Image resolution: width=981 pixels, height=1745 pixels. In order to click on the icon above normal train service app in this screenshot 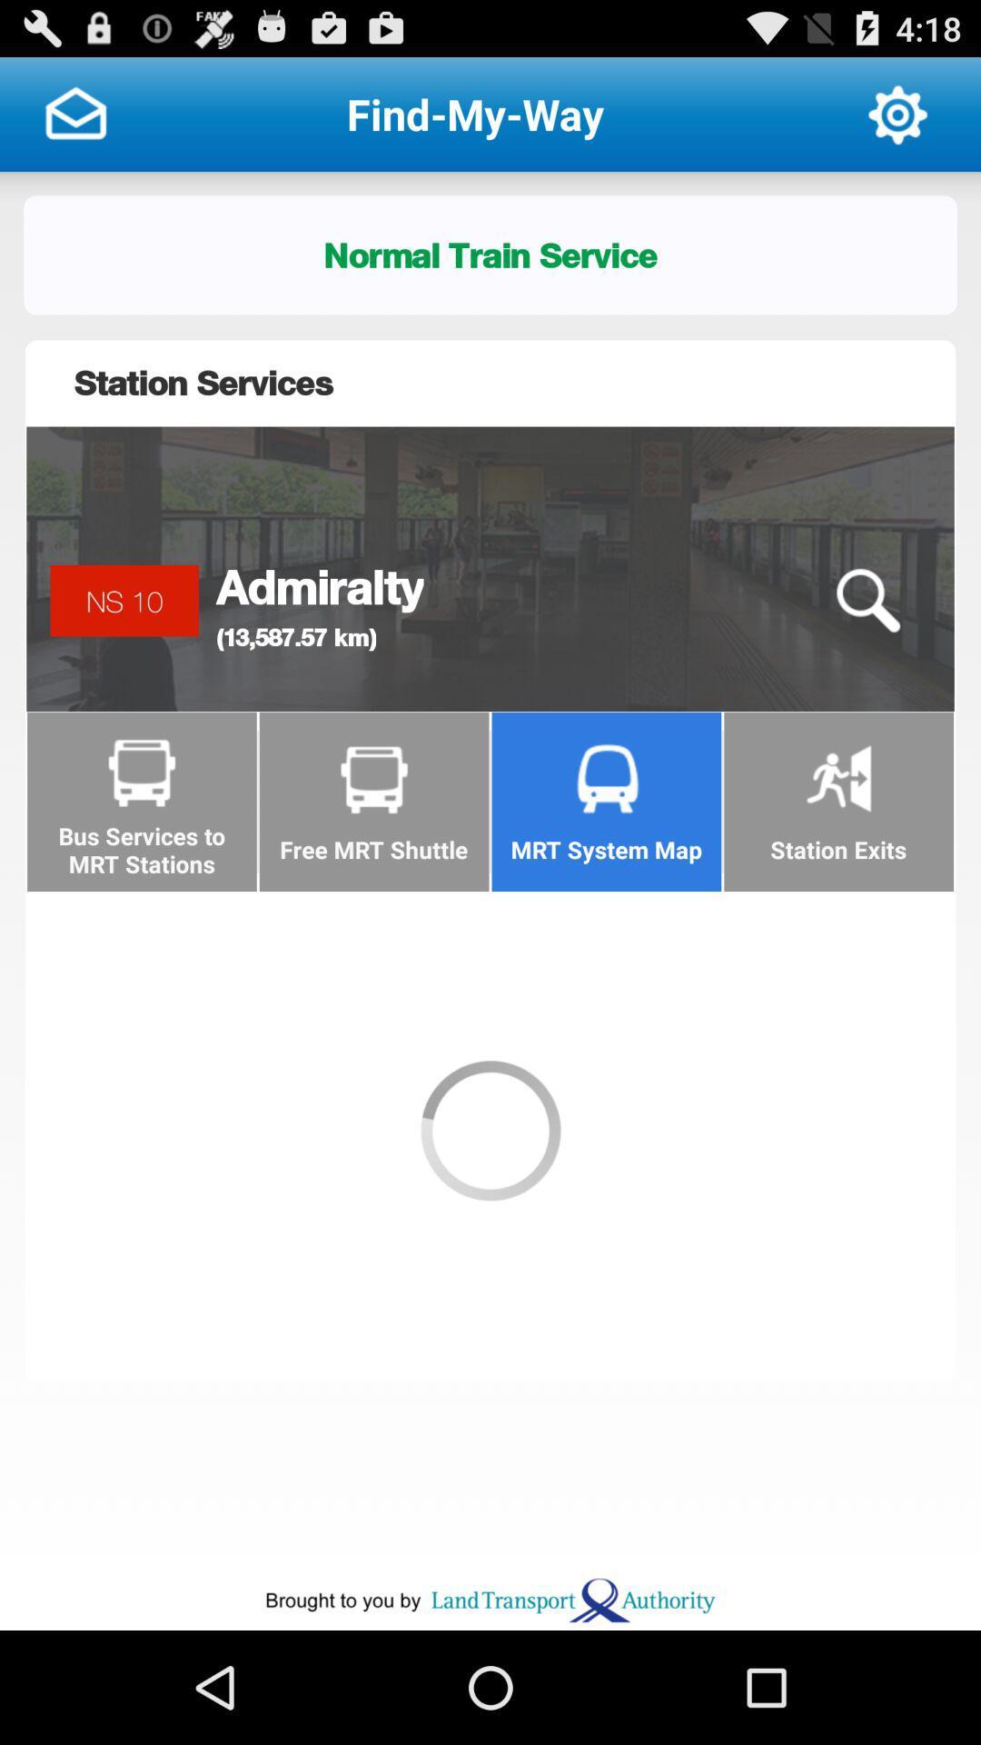, I will do `click(897, 113)`.